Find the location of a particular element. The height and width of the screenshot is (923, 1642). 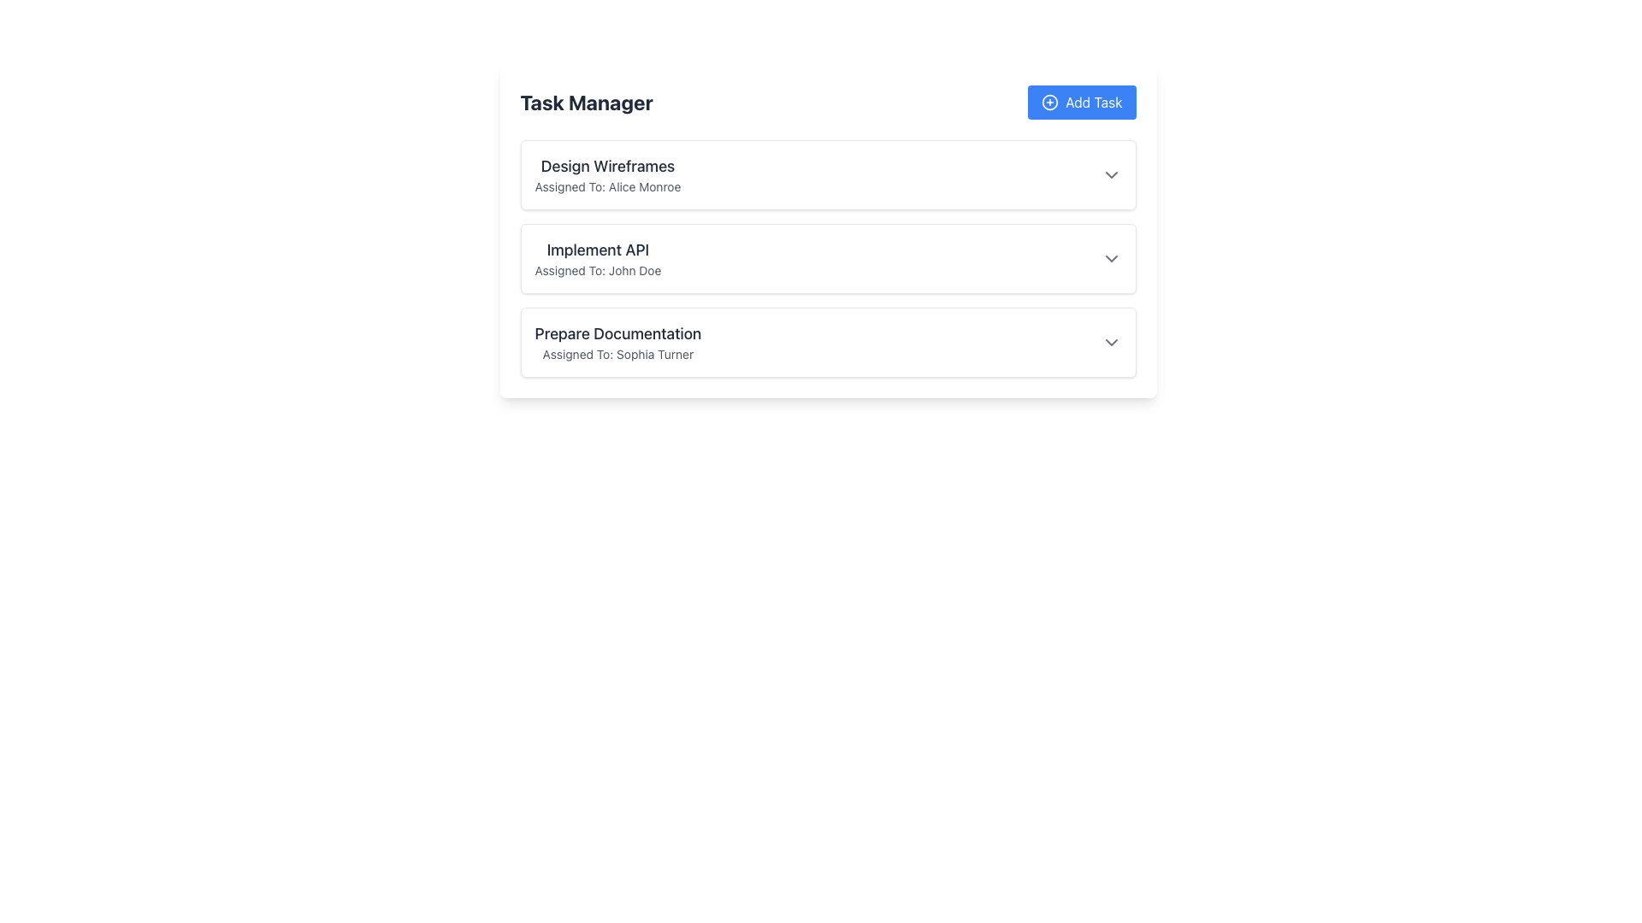

the second task card element in the vertically stacked list that displays task details, positioned between 'Design Wireframes' and 'Prepare Documentation' is located at coordinates (828, 259).